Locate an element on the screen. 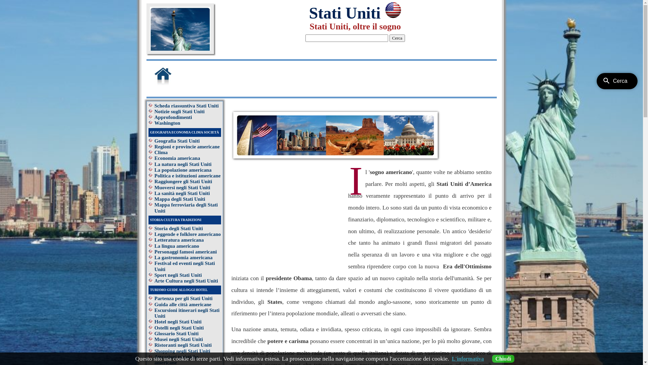 The image size is (648, 365). 'Stati Uniti' is located at coordinates (308, 13).